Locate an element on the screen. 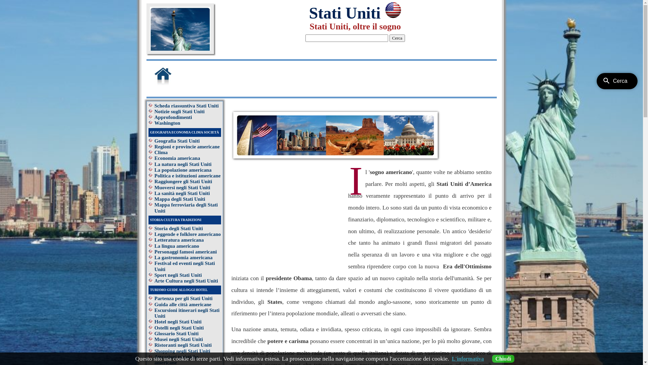 The image size is (648, 365). 'Stati Uniti' is located at coordinates (308, 13).